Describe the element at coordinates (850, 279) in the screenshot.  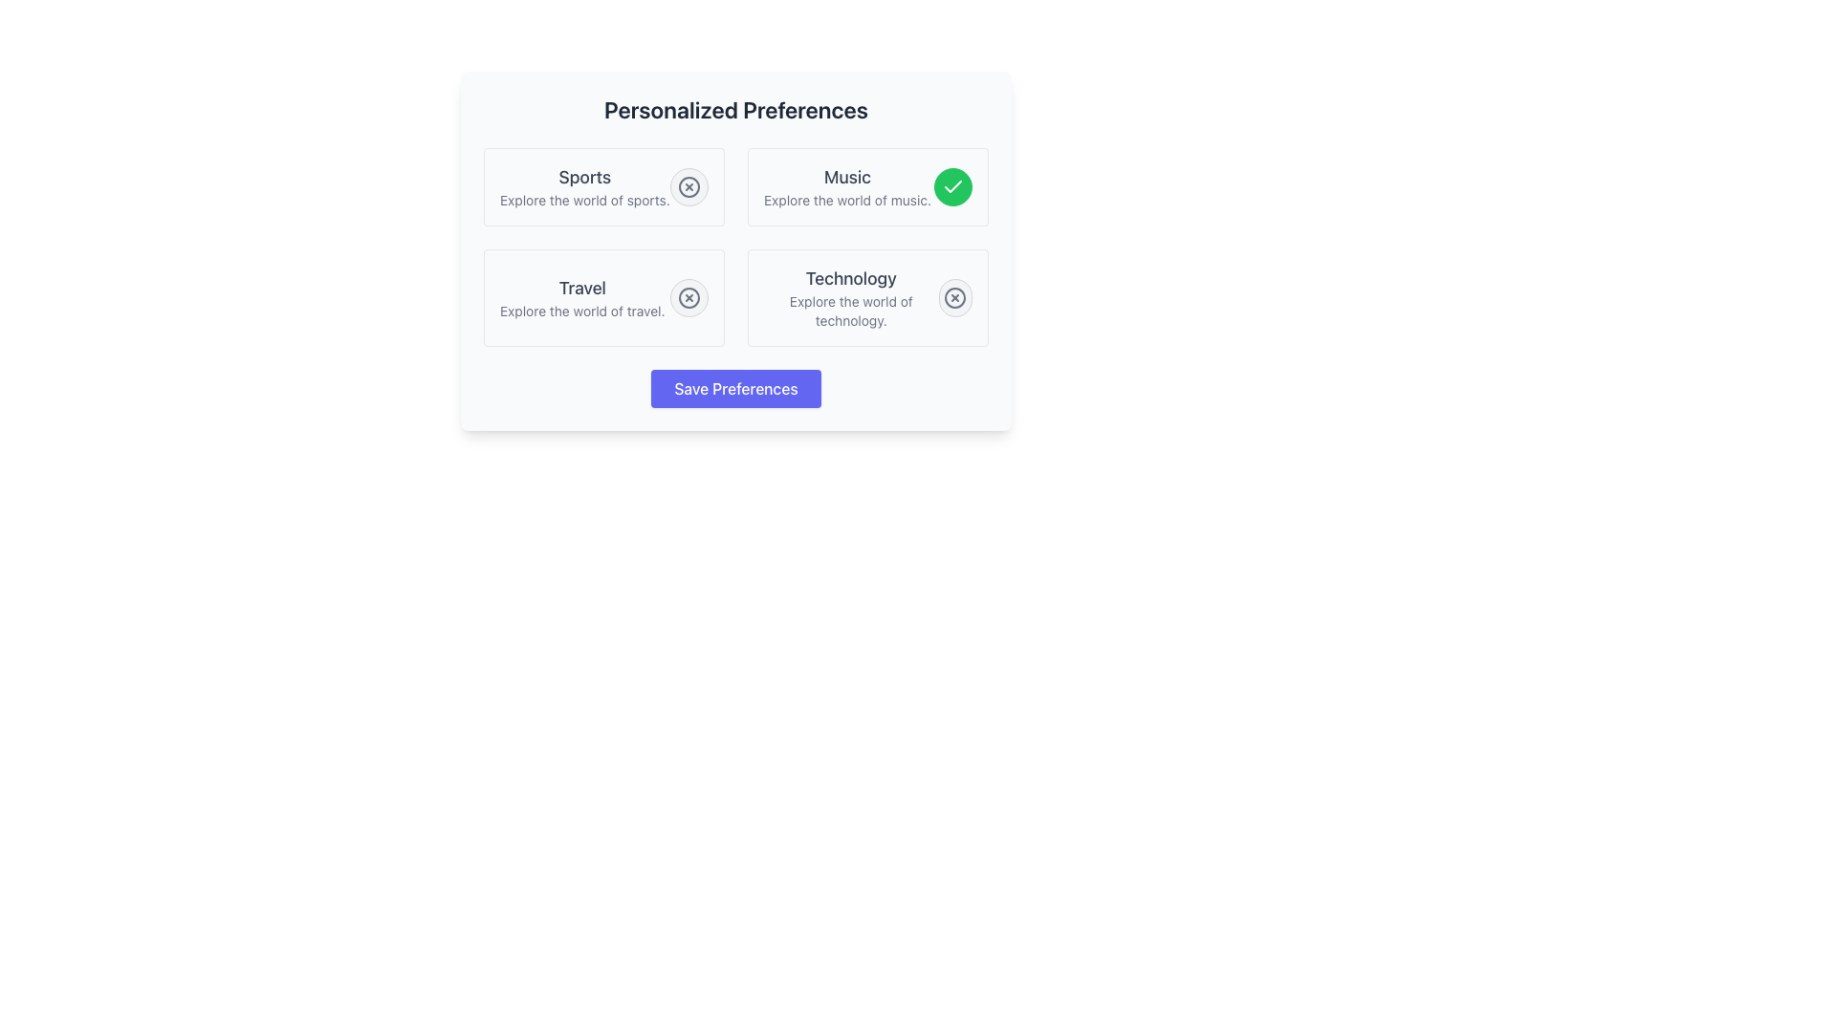
I see `the Text Label that serves as the title for the 'Technology' section, located at the bottom-right of a grid layout, directly above the description 'Explore the world of technology'` at that location.